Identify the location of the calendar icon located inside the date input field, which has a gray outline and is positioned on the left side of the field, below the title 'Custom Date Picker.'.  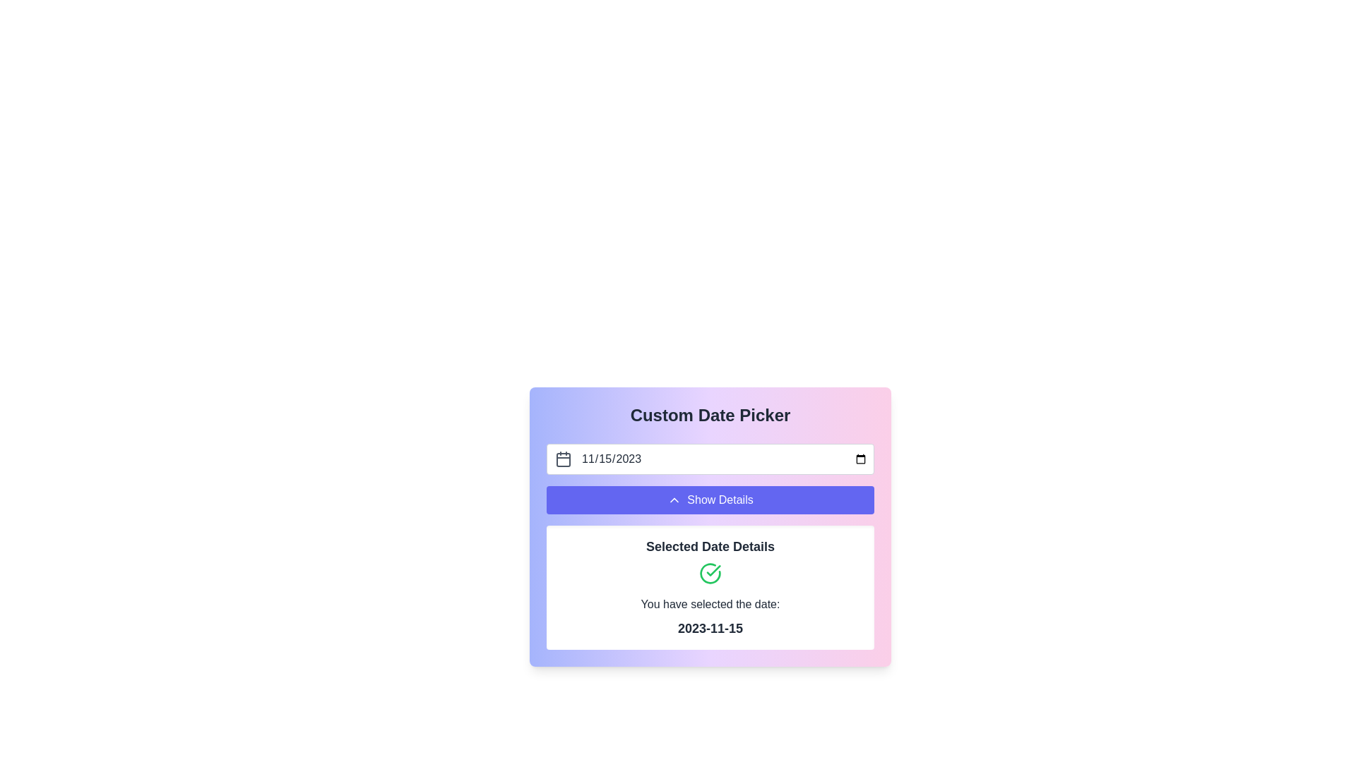
(562, 459).